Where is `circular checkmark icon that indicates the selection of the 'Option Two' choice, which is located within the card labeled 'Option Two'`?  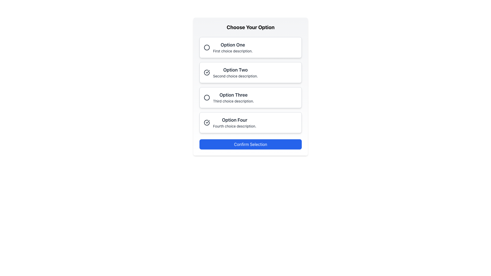 circular checkmark icon that indicates the selection of the 'Option Two' choice, which is located within the card labeled 'Option Two' is located at coordinates (207, 73).